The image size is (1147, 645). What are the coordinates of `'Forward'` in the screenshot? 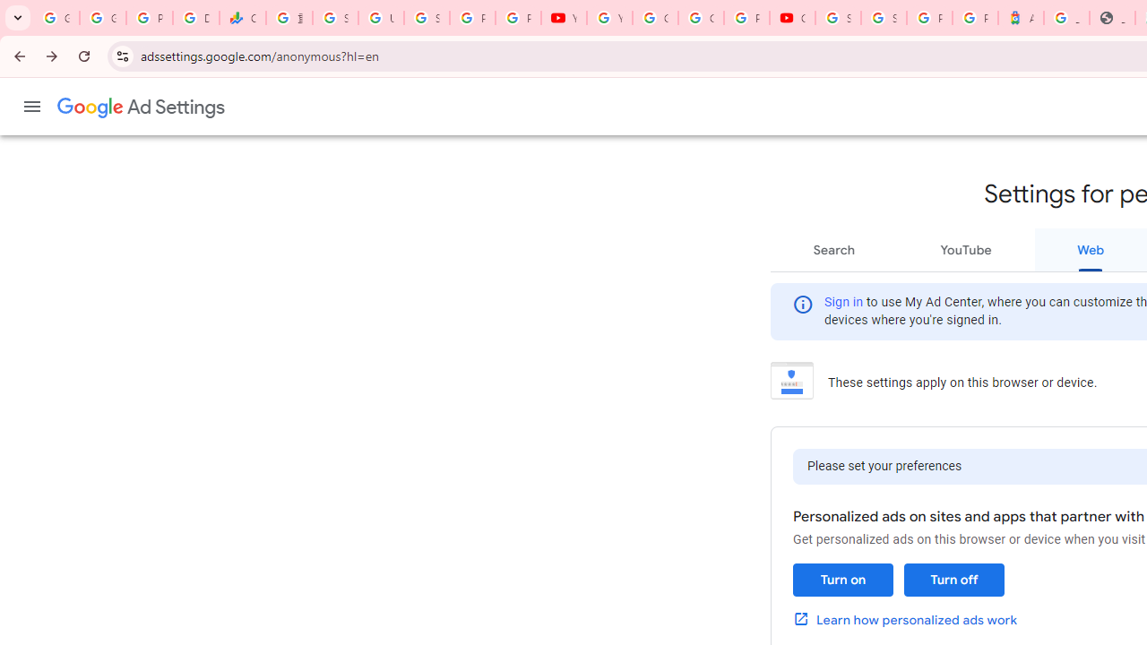 It's located at (52, 55).